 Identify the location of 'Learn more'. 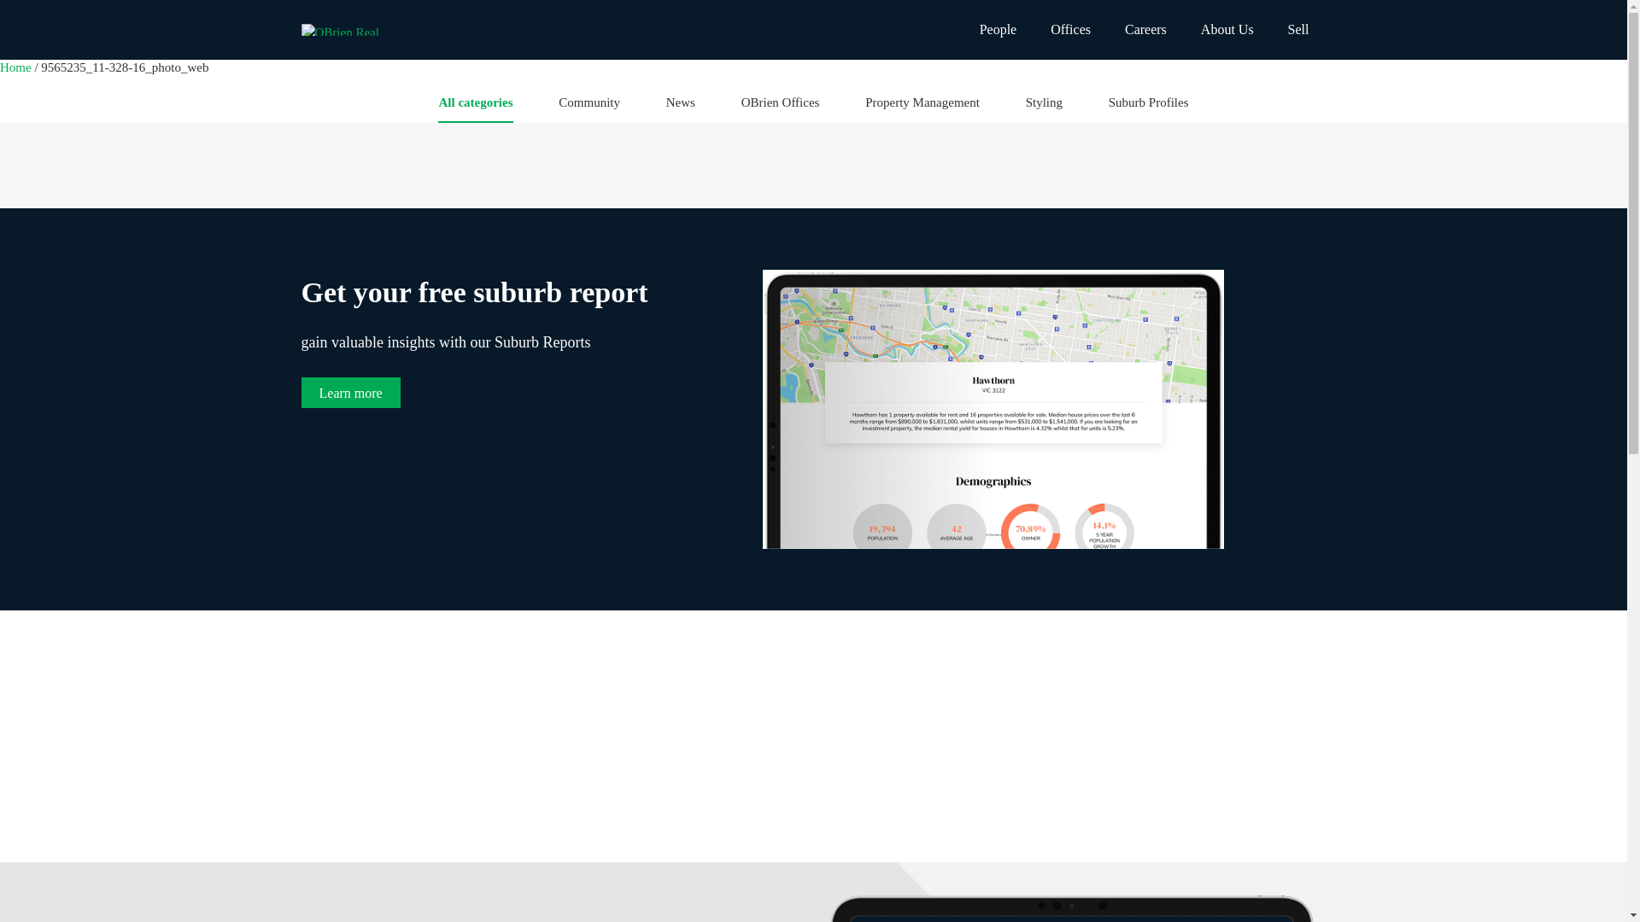
(348, 392).